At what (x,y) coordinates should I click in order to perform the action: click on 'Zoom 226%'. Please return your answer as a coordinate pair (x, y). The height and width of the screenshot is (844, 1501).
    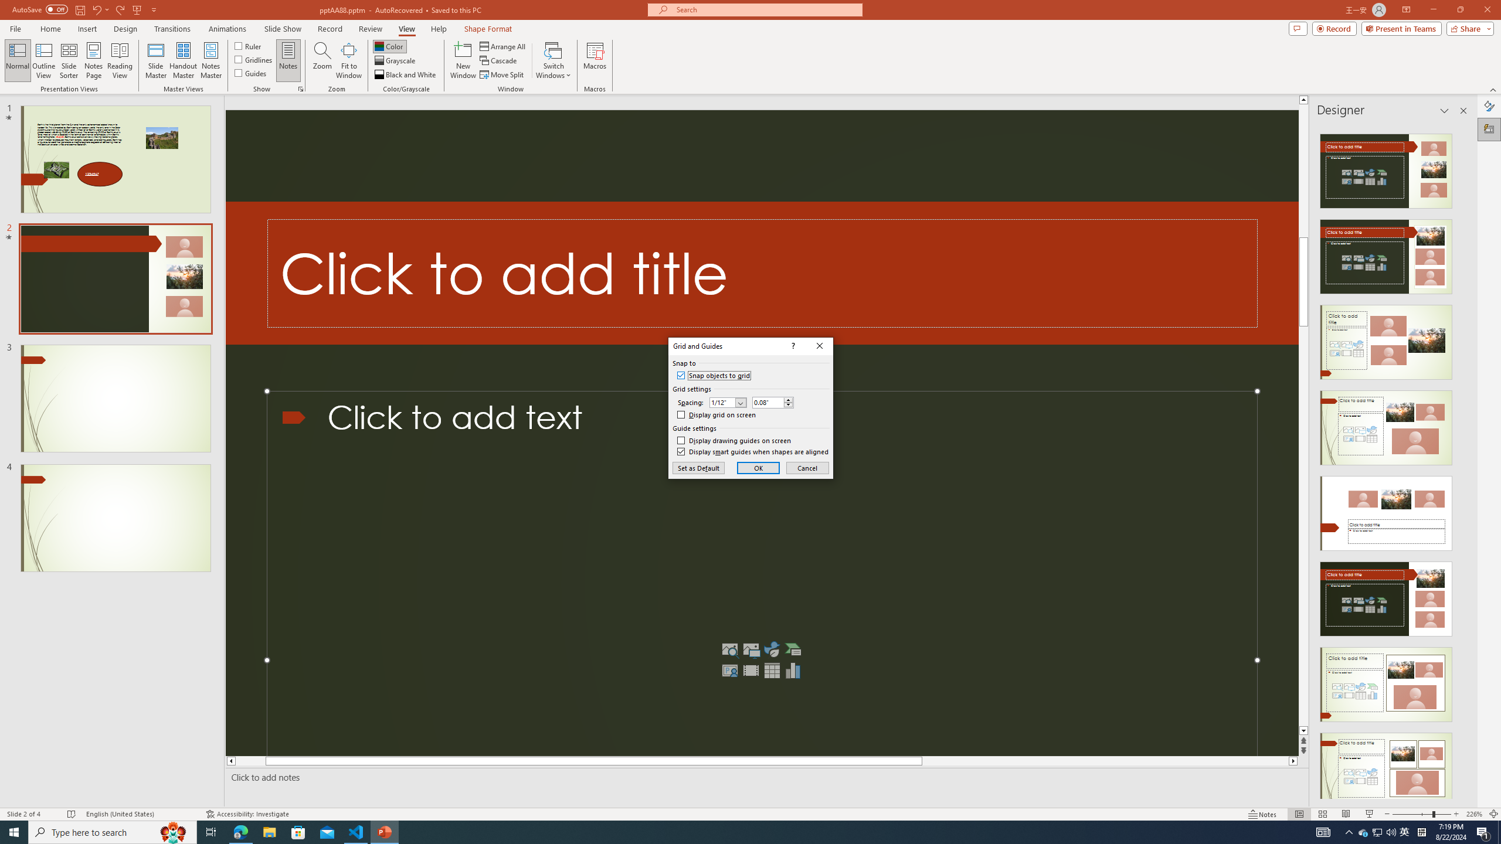
    Looking at the image, I should click on (1475, 814).